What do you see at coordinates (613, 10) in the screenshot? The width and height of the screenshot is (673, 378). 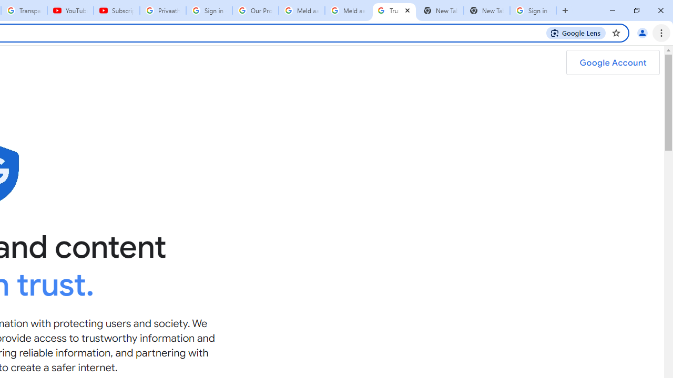 I see `'Minimize'` at bounding box center [613, 10].